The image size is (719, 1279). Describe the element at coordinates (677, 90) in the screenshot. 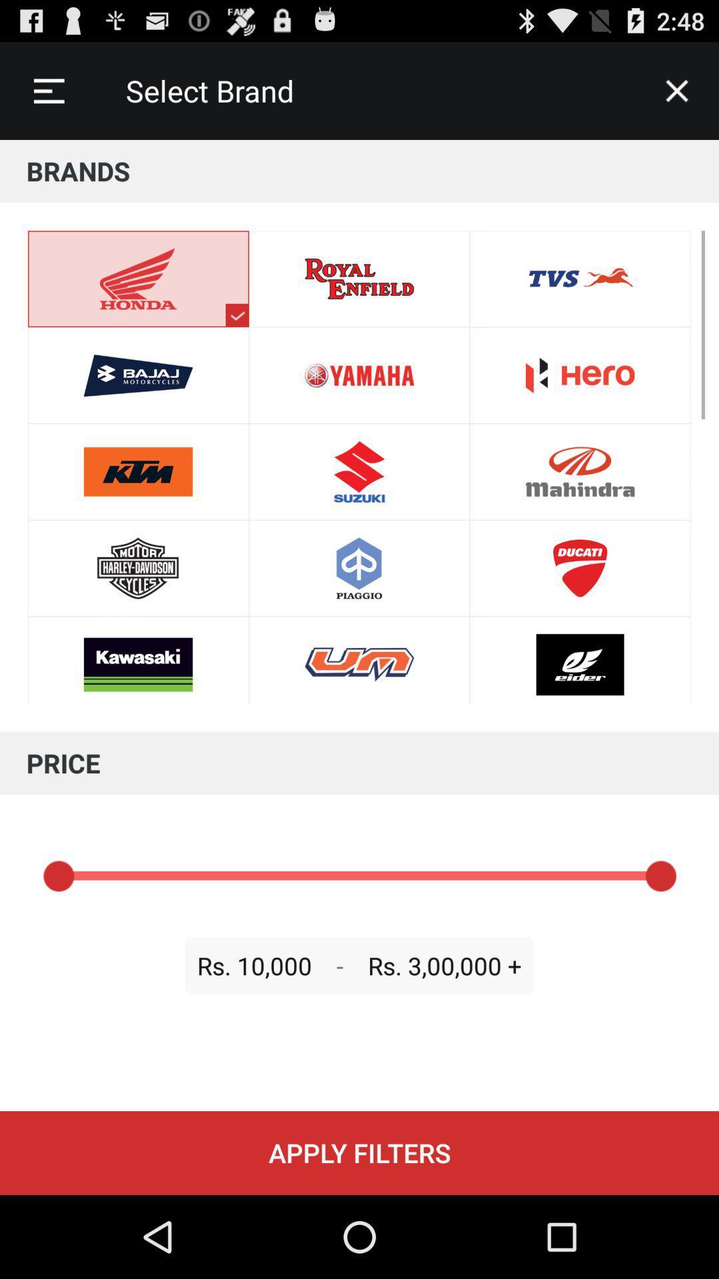

I see `icon next to select brand` at that location.